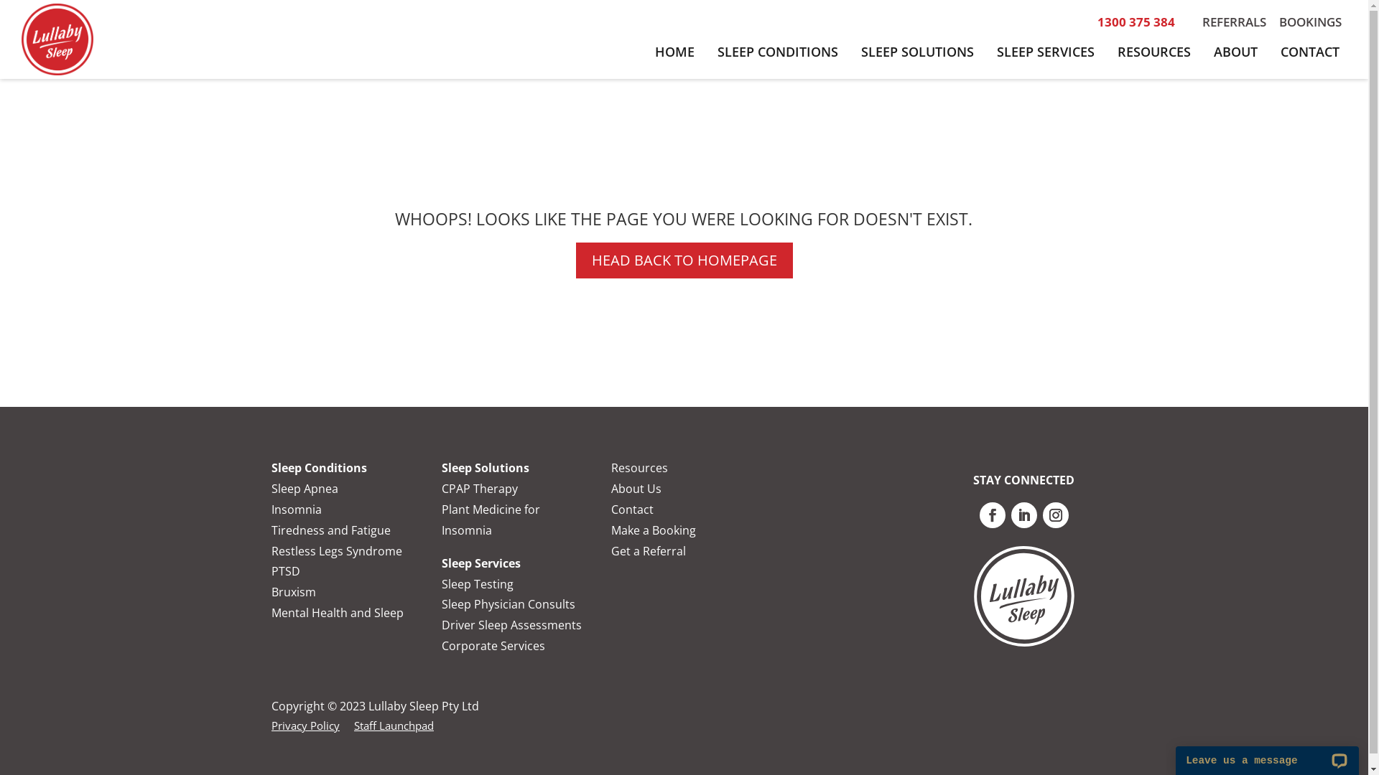  Describe the element at coordinates (1154, 51) in the screenshot. I see `'RESOURCES'` at that location.